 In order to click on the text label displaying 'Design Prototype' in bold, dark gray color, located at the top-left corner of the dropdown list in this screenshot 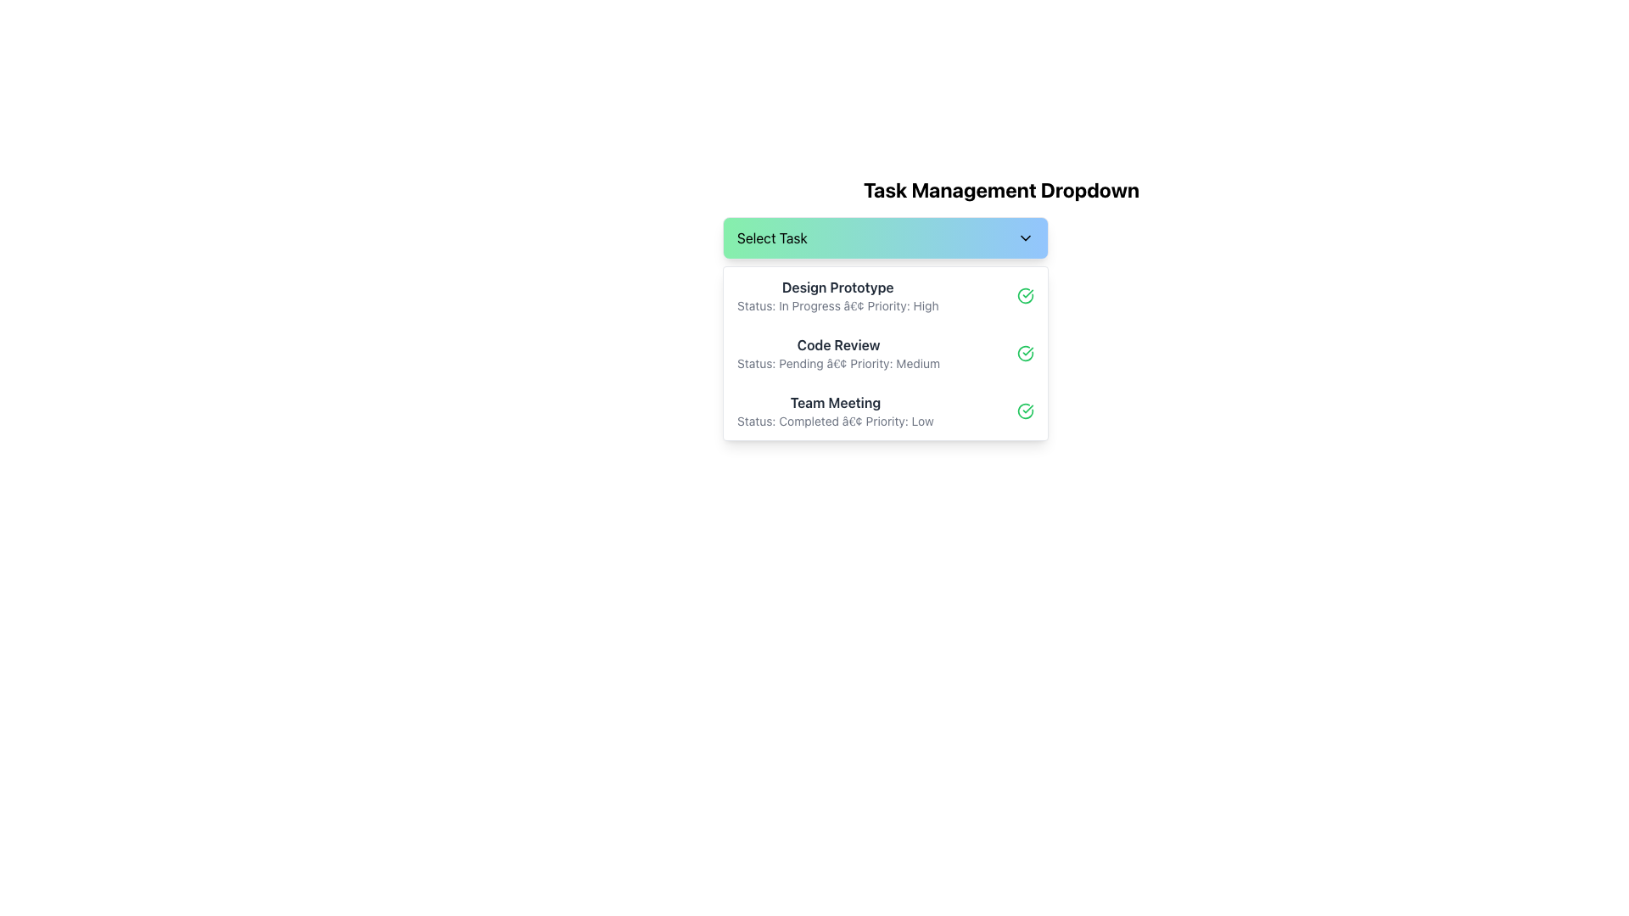, I will do `click(837, 287)`.